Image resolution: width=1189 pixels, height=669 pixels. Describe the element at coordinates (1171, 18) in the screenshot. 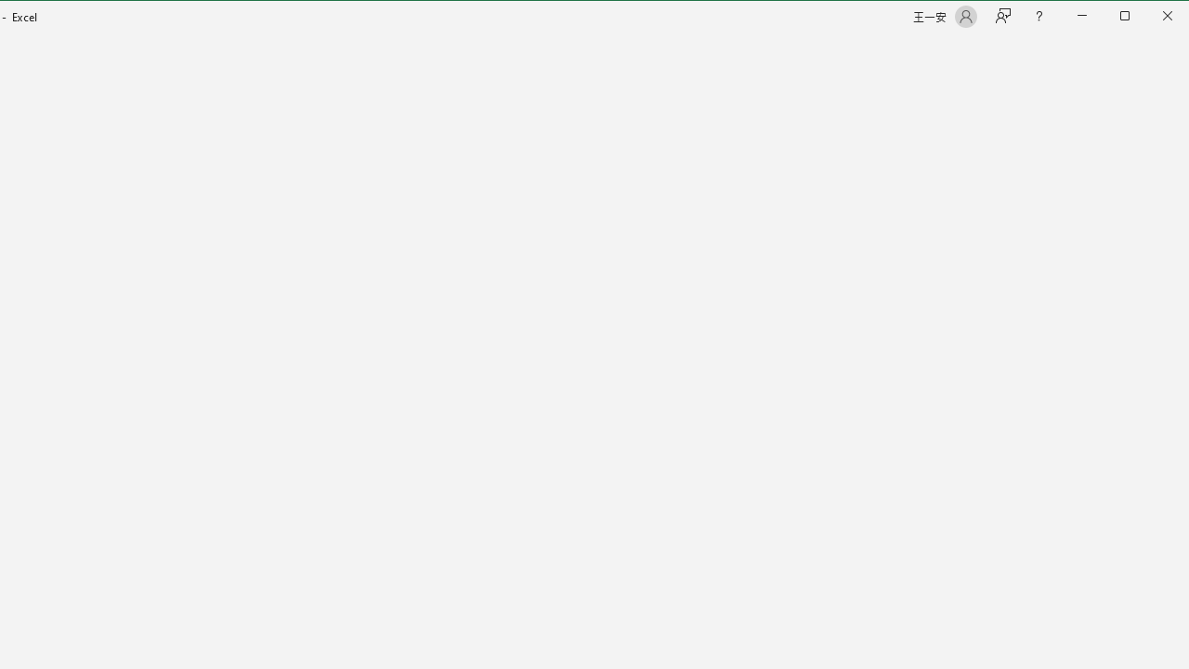

I see `'Close'` at that location.